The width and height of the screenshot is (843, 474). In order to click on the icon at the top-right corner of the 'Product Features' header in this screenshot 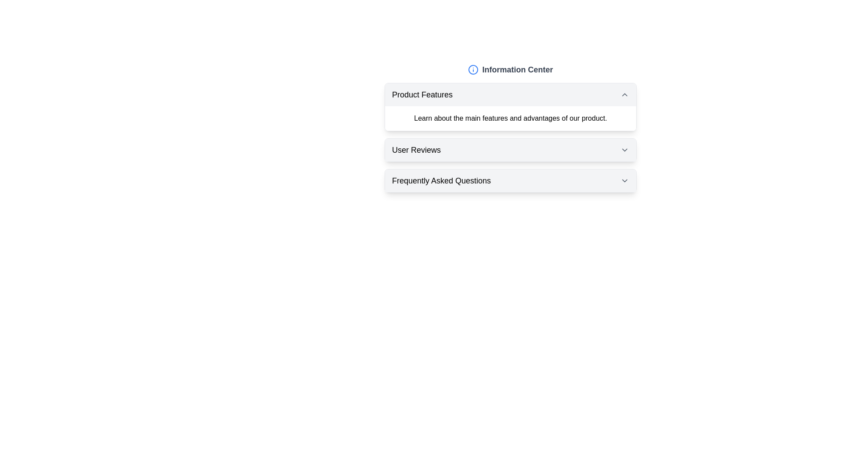, I will do `click(624, 95)`.